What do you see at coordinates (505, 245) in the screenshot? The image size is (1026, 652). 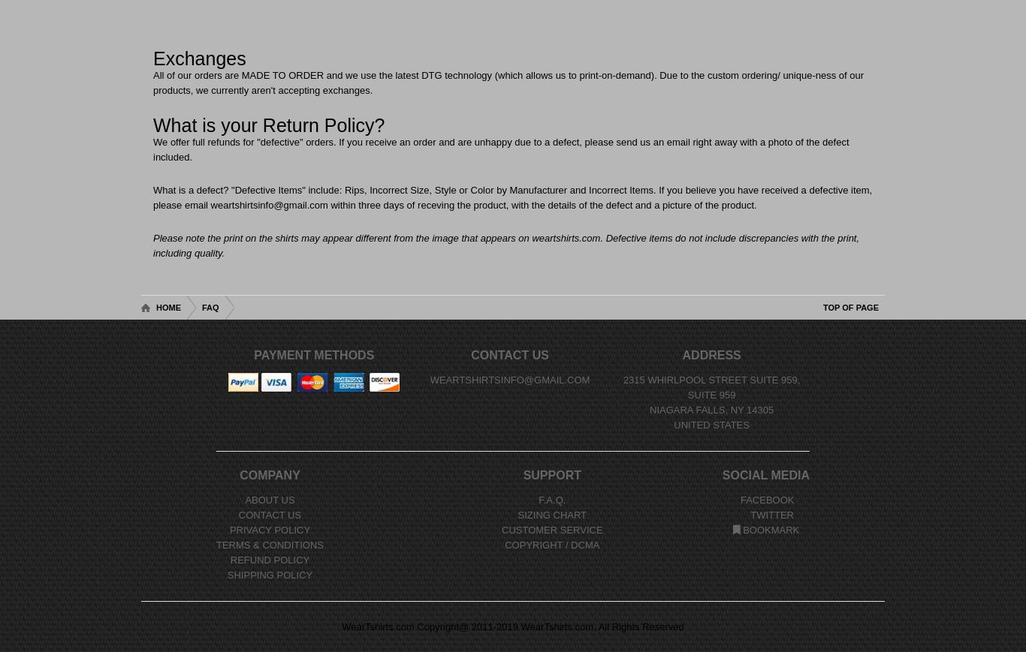 I see `'Please note the print on the shirts may appear different from the image that appears on weartshirts.com. Defective items do not include discrepancies with the print, including quality.'` at bounding box center [505, 245].